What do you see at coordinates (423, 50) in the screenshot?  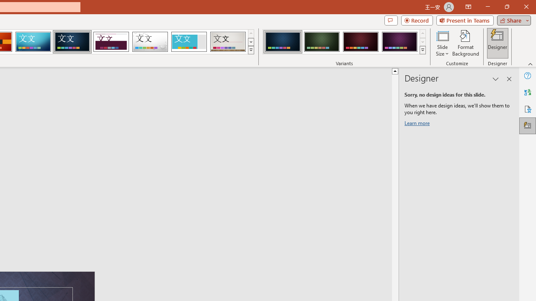 I see `'Variants'` at bounding box center [423, 50].